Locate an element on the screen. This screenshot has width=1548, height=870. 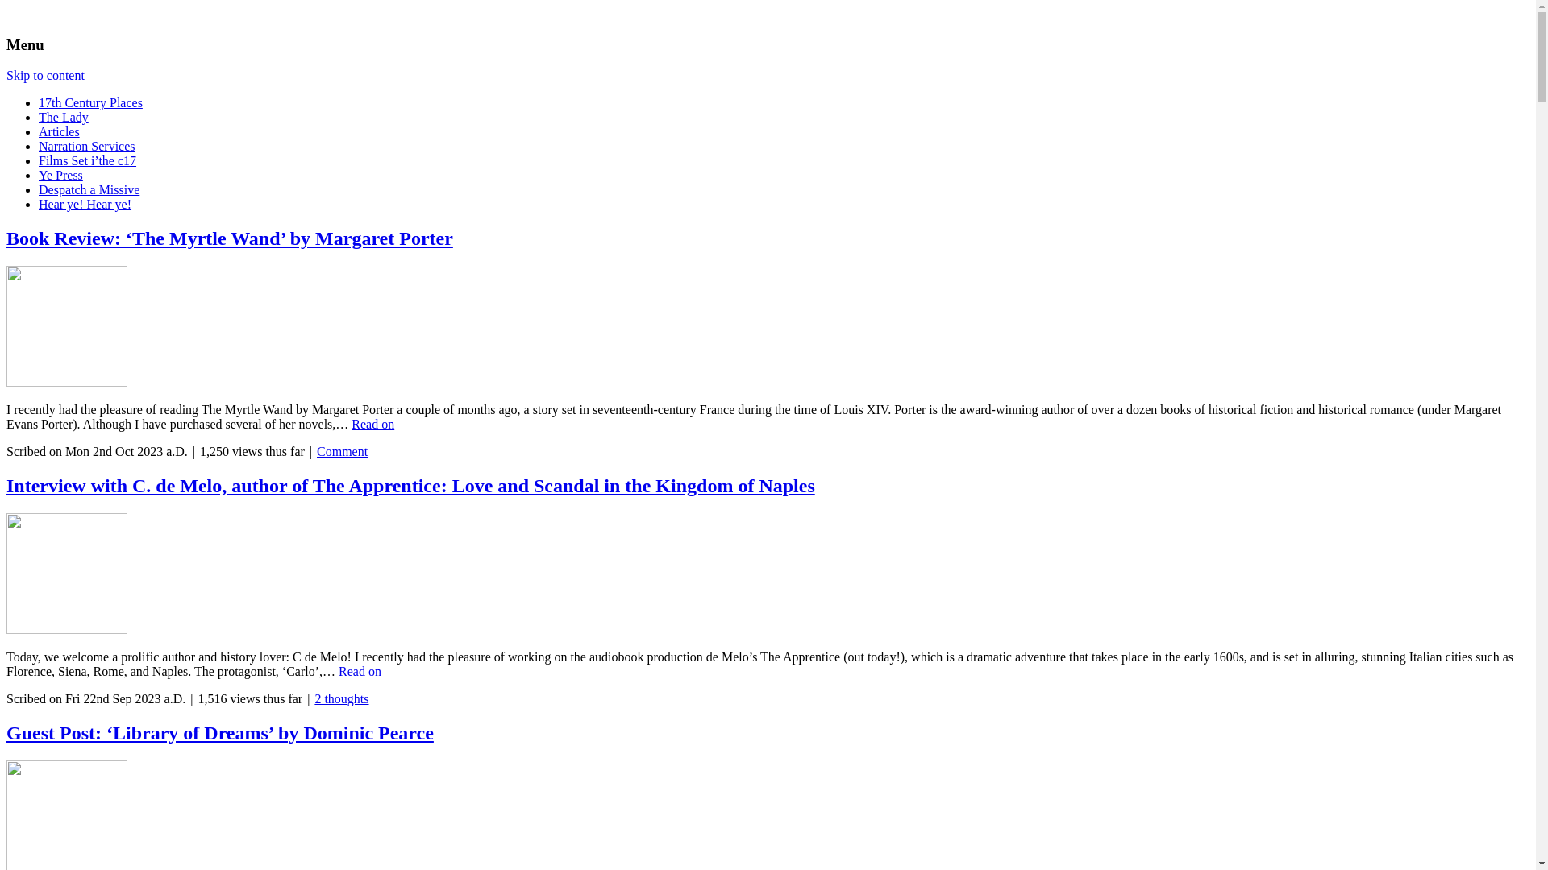
'The Lady' is located at coordinates (63, 116).